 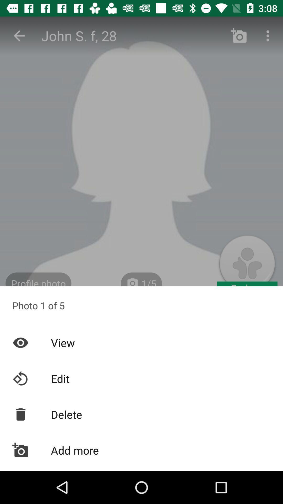 I want to click on edit icon, so click(x=141, y=379).